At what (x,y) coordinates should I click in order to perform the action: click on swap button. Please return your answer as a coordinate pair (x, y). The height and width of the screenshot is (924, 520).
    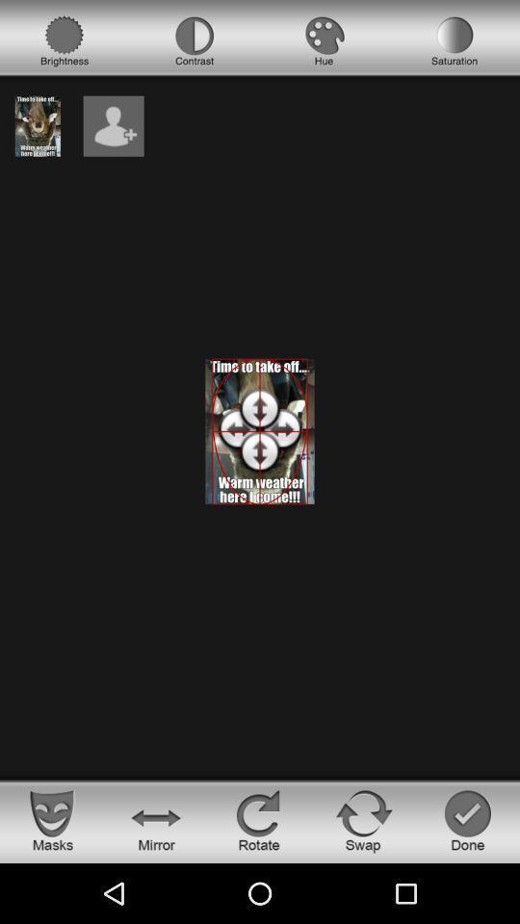
    Looking at the image, I should click on (364, 819).